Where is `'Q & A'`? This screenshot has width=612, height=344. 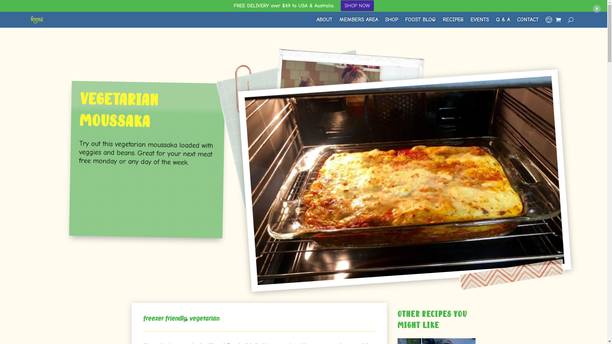 'Q & A' is located at coordinates (503, 19).